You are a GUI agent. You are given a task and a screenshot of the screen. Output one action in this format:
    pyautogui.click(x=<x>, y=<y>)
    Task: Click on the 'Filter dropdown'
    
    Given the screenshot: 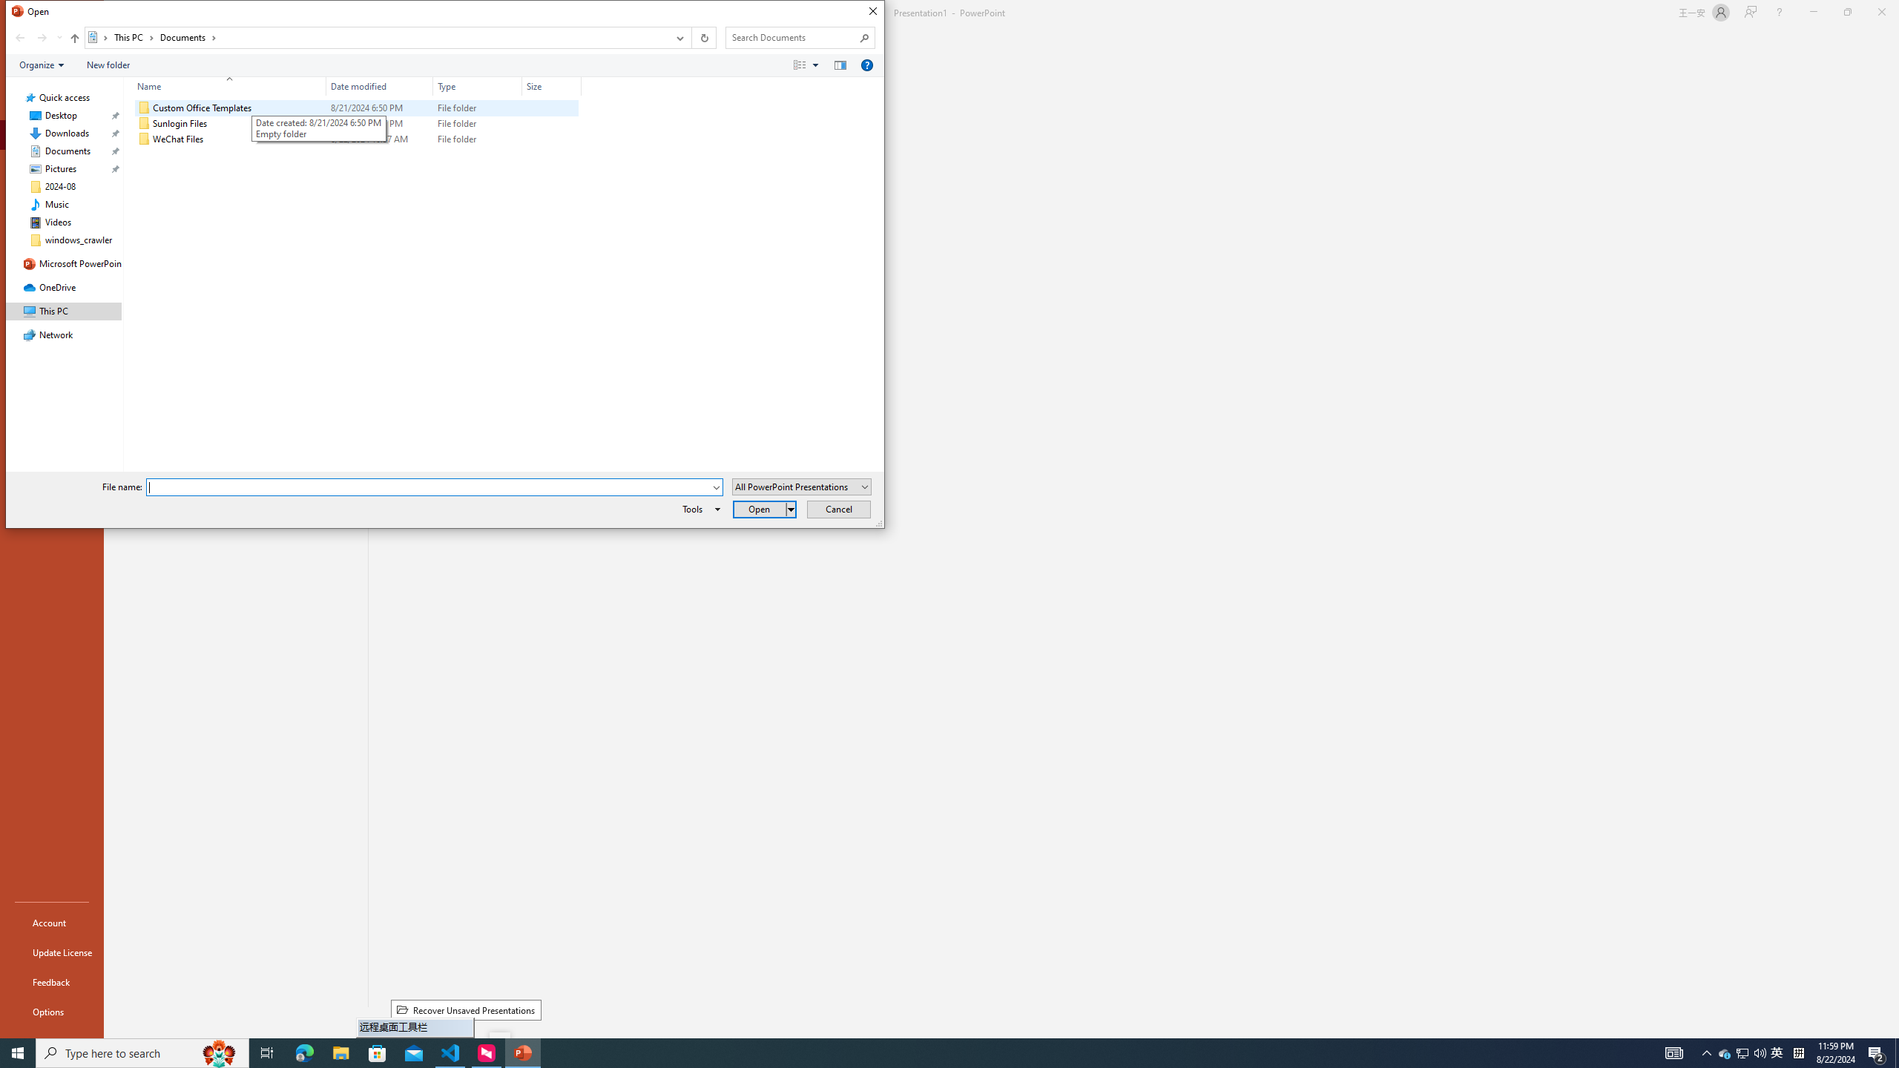 What is the action you would take?
    pyautogui.click(x=574, y=85)
    